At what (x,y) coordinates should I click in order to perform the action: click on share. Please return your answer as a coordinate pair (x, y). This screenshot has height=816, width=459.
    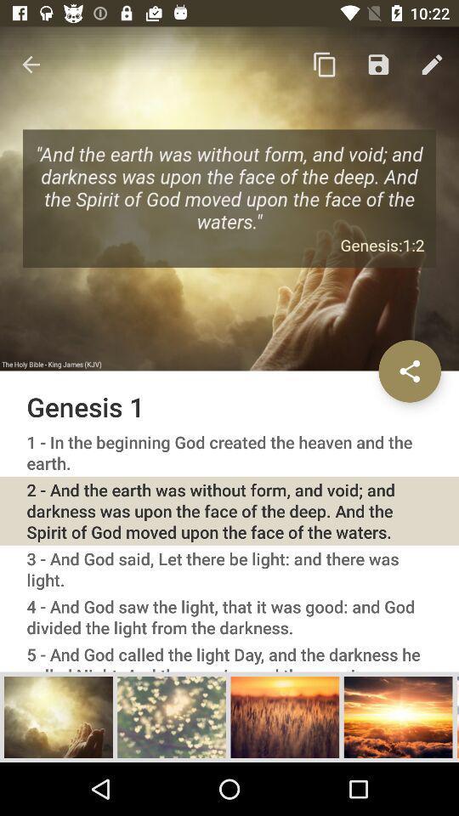
    Looking at the image, I should click on (409, 371).